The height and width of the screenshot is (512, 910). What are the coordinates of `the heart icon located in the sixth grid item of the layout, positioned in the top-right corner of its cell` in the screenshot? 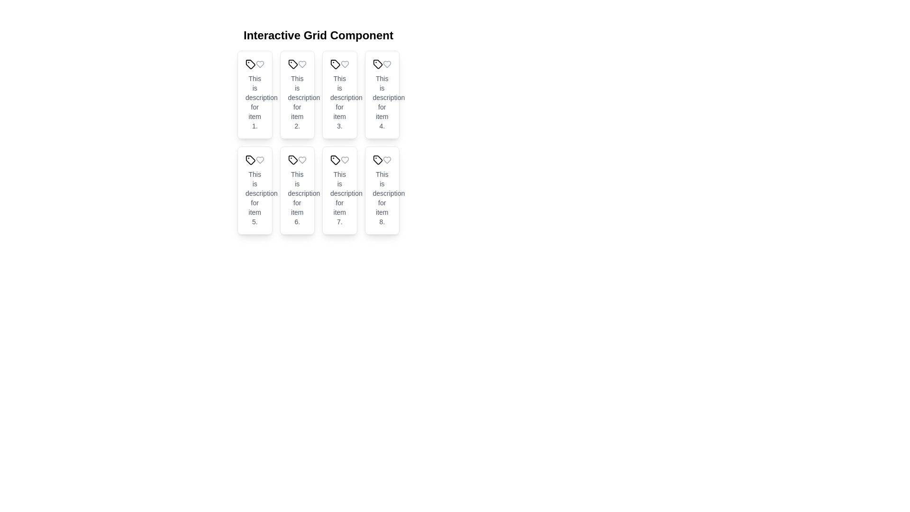 It's located at (302, 160).